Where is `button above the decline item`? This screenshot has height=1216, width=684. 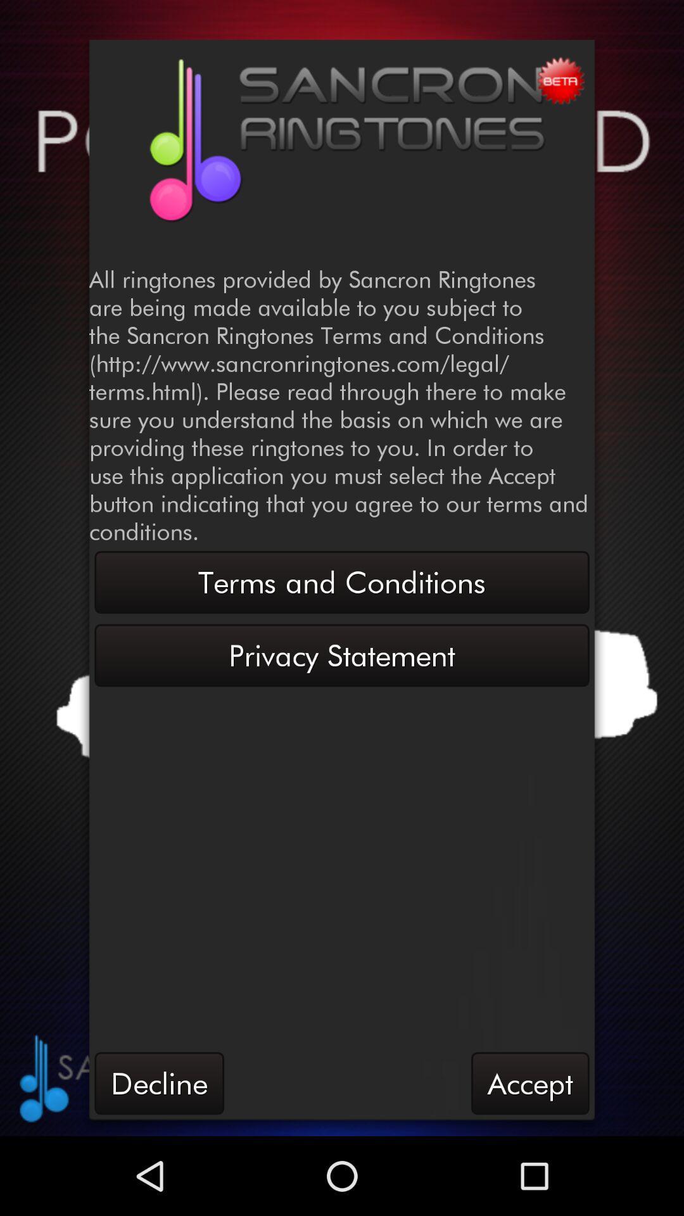
button above the decline item is located at coordinates (342, 655).